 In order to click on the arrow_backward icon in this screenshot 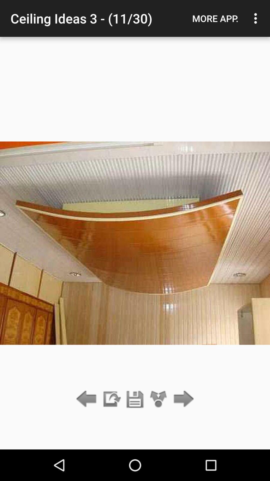, I will do `click(87, 399)`.